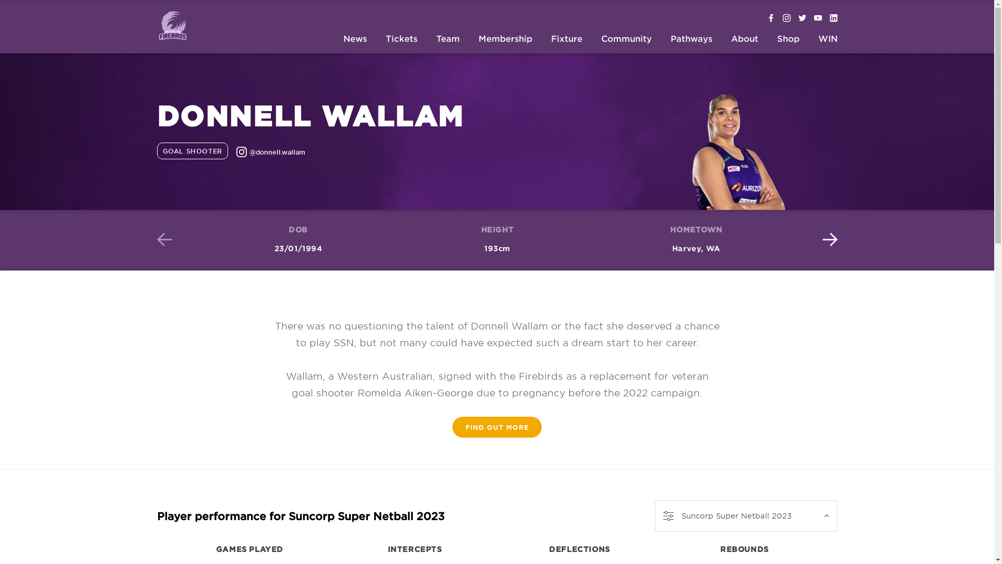 The image size is (1002, 564). What do you see at coordinates (235, 153) in the screenshot?
I see `'@donnell.wallam'` at bounding box center [235, 153].